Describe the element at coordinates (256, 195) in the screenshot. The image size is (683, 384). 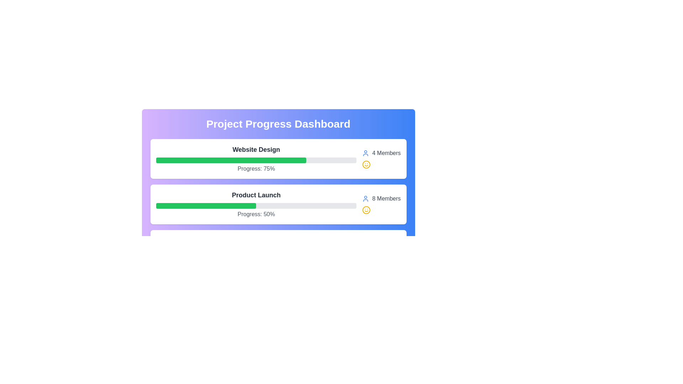
I see `the Text Label that serves as a title or label for the related progress section, which is located just above the horizontal progress bar within the 'Project Progress Dashboard' layout` at that location.